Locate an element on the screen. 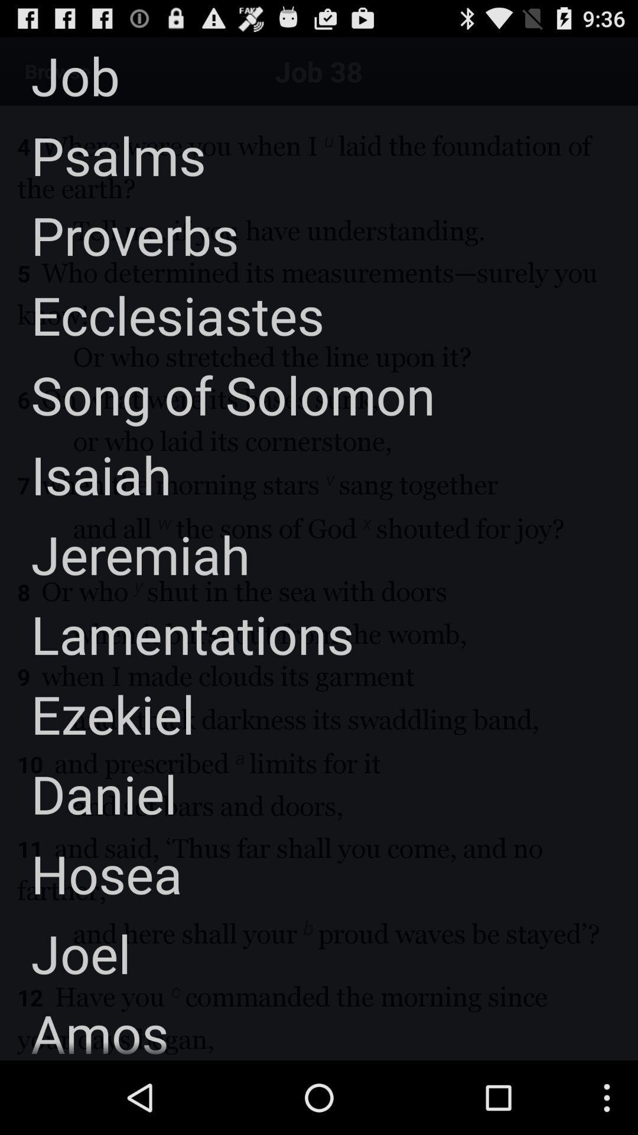 The height and width of the screenshot is (1135, 638). the item above the ezekiel icon is located at coordinates (177, 633).